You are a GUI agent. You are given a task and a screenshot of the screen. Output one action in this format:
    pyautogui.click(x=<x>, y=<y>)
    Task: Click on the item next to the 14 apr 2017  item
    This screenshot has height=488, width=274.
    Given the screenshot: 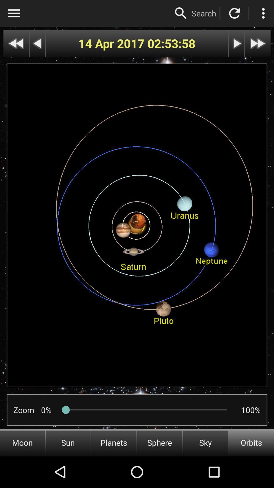 What is the action you would take?
    pyautogui.click(x=171, y=43)
    